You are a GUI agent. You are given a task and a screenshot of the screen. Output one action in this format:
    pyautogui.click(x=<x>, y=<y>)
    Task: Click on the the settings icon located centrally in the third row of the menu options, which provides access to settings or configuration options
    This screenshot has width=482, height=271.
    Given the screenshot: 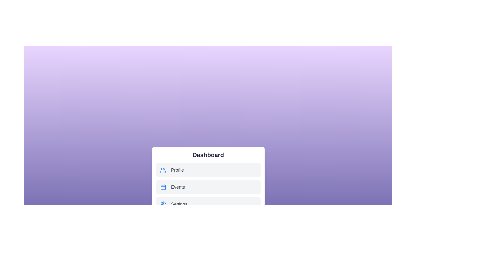 What is the action you would take?
    pyautogui.click(x=163, y=204)
    